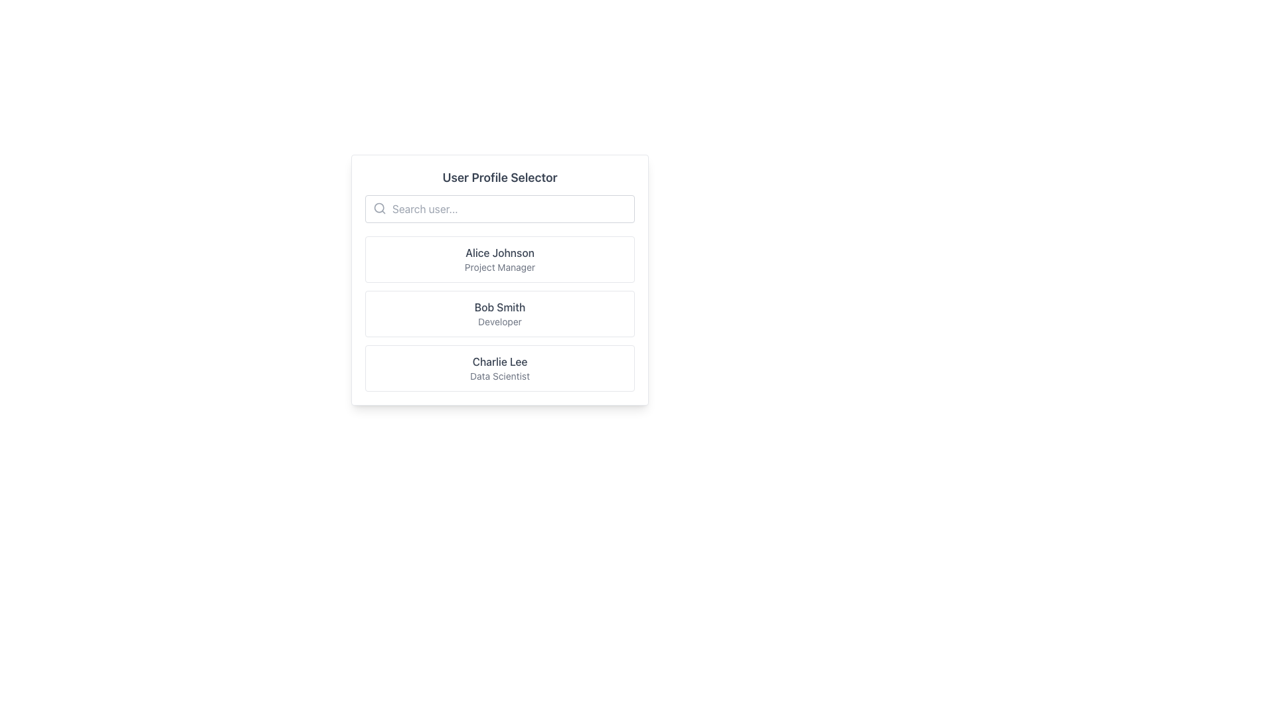  I want to click on the text label identifying the user 'Charlie Lee' within the third card of the user profile selector interface, as it serves as a title for user selection, so click(499, 361).